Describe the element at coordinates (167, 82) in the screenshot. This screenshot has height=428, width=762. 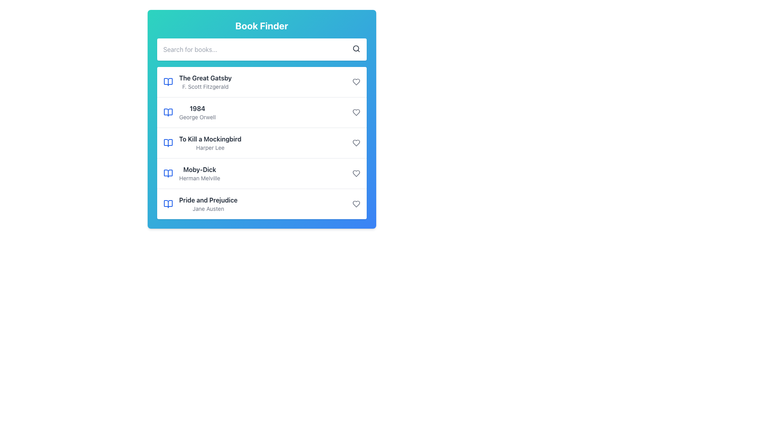
I see `the first book icon in the vertical list under the 'Book Finder' header, which is immediately to the left of the title-text 'The Great Gatsby'` at that location.